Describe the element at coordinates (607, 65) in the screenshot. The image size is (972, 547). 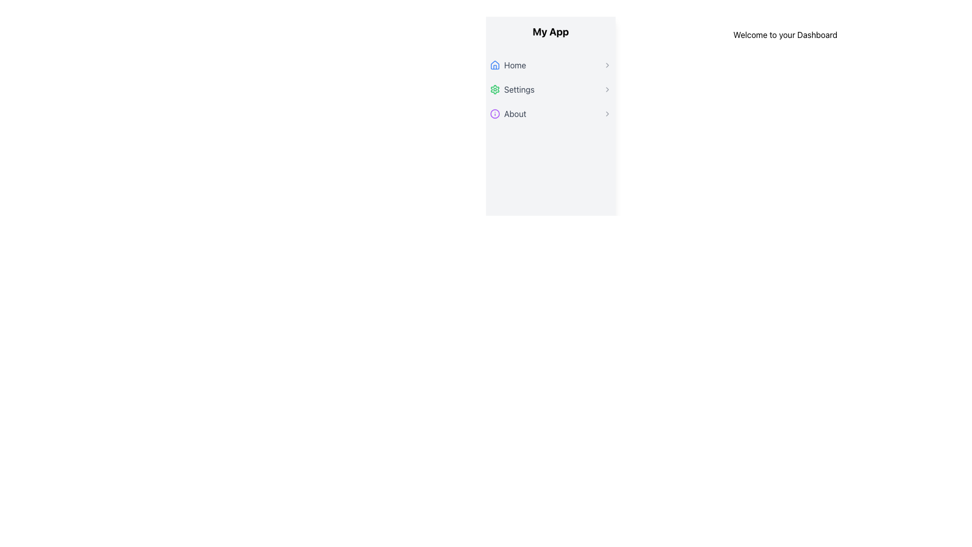
I see `the Chevron icon located at the rightmost position of the 'Home' menu item in the left menu panel as a visual indicator for navigation` at that location.